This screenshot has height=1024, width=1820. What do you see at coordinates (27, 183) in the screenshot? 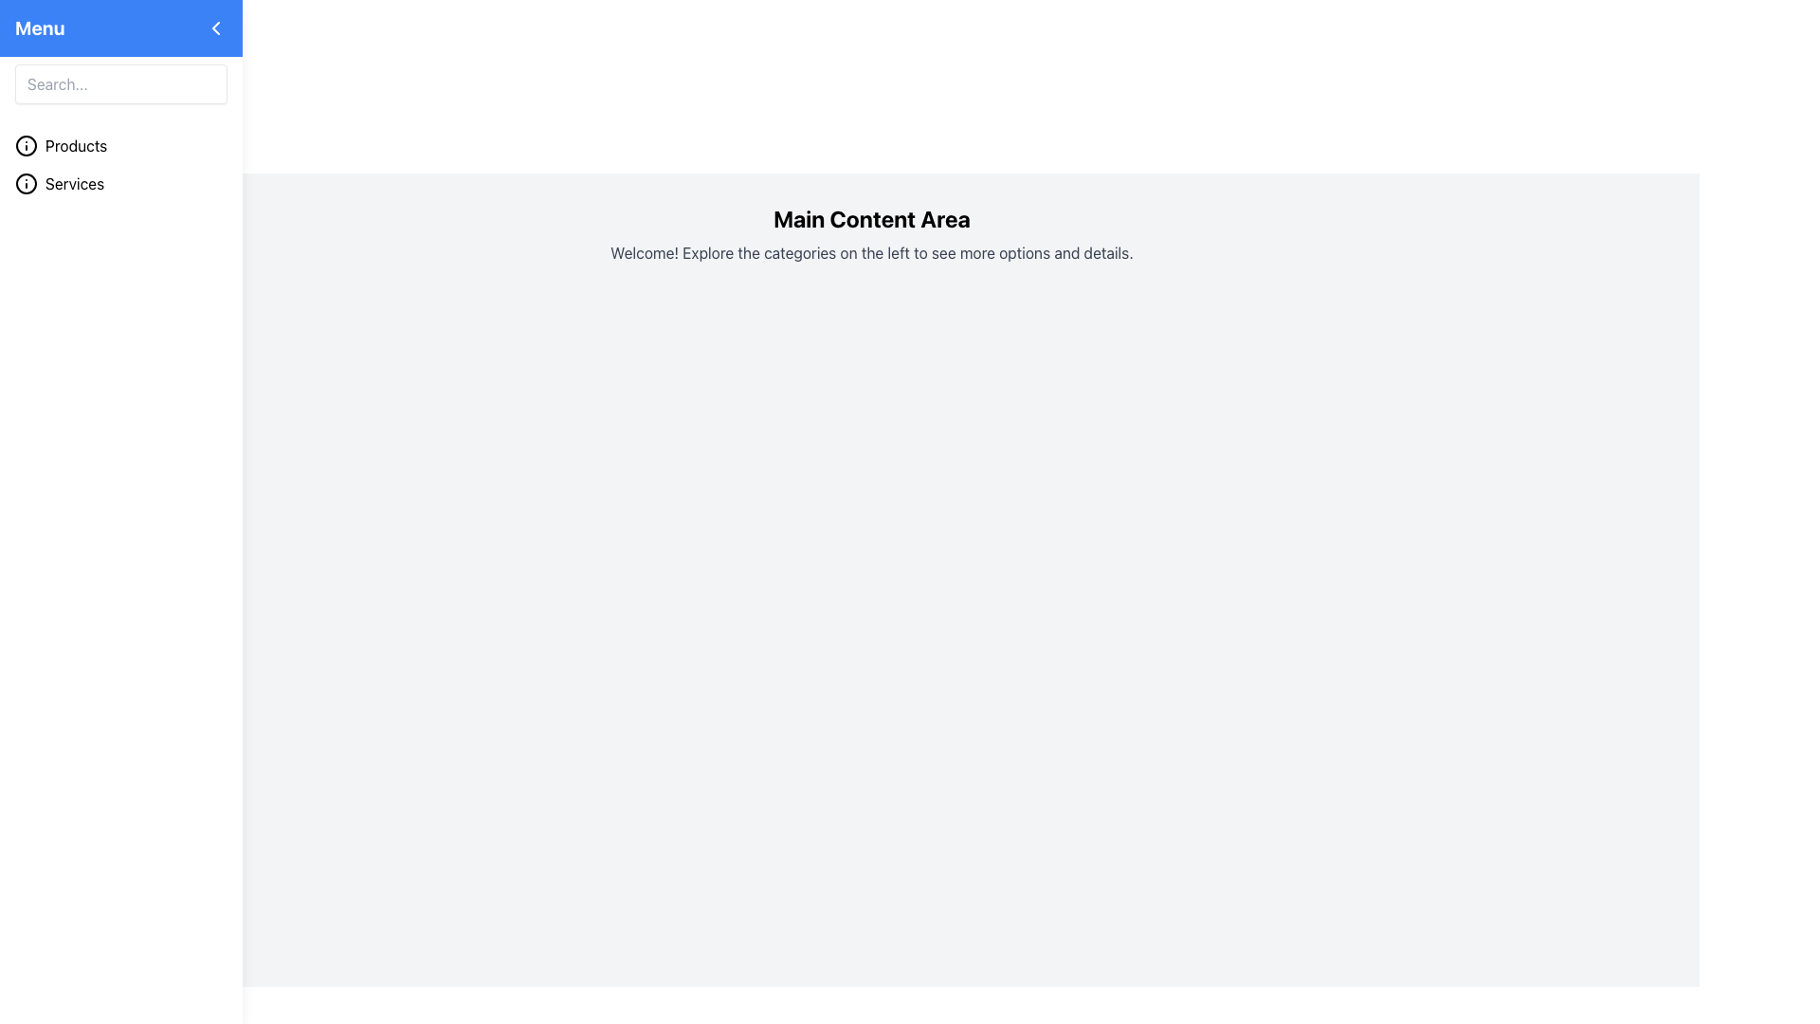
I see `the informational icon next to the 'Services' label in the left-hand menu` at bounding box center [27, 183].